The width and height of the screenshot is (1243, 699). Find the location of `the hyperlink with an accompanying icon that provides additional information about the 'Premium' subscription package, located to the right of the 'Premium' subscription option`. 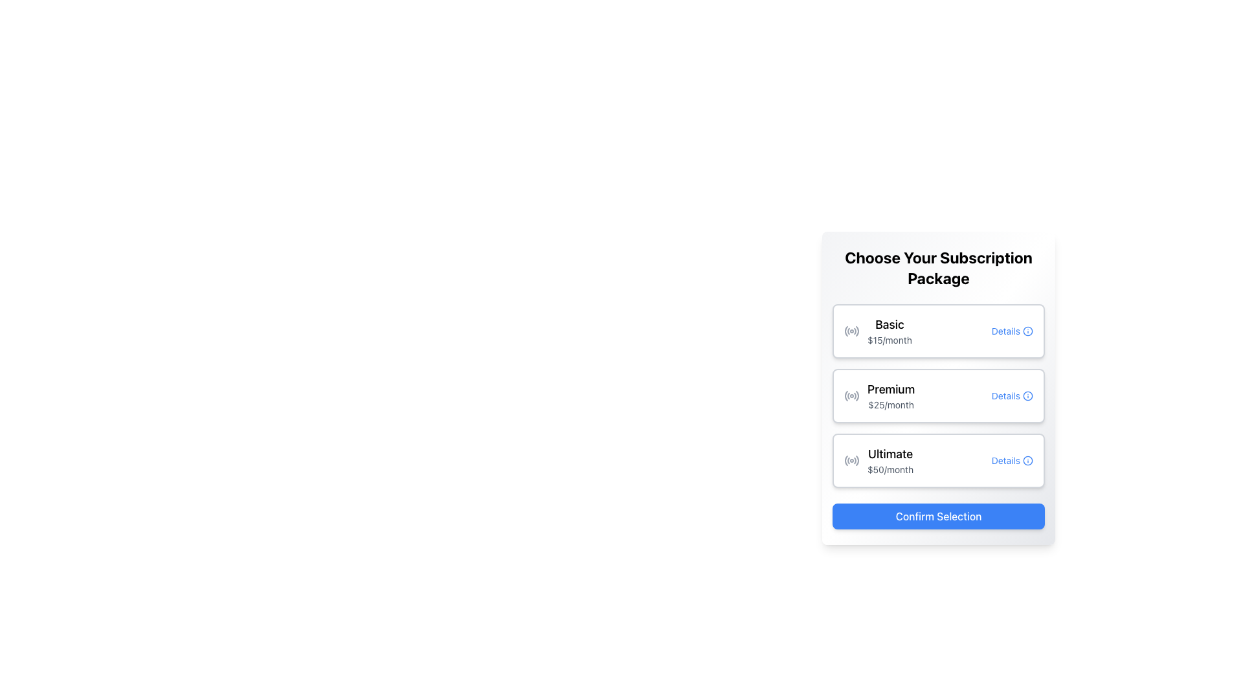

the hyperlink with an accompanying icon that provides additional information about the 'Premium' subscription package, located to the right of the 'Premium' subscription option is located at coordinates (1011, 395).